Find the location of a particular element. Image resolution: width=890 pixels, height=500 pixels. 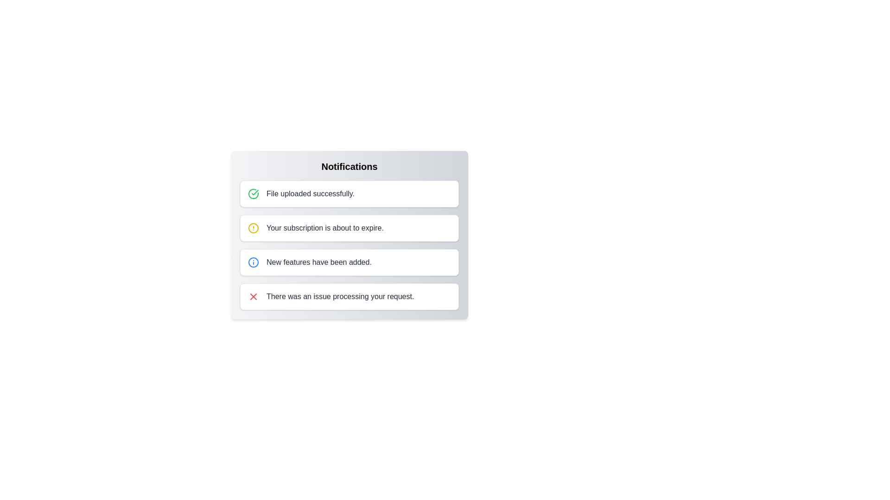

the text label displaying 'File uploaded successfully.' in the topmost notification card located near the top left of the notification box is located at coordinates (311, 194).